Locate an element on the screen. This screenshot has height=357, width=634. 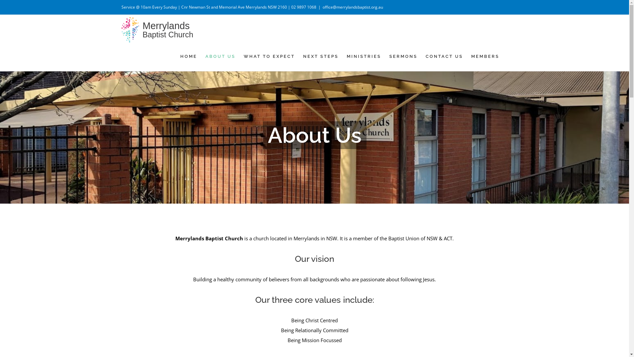
'SERMONS' is located at coordinates (403, 56).